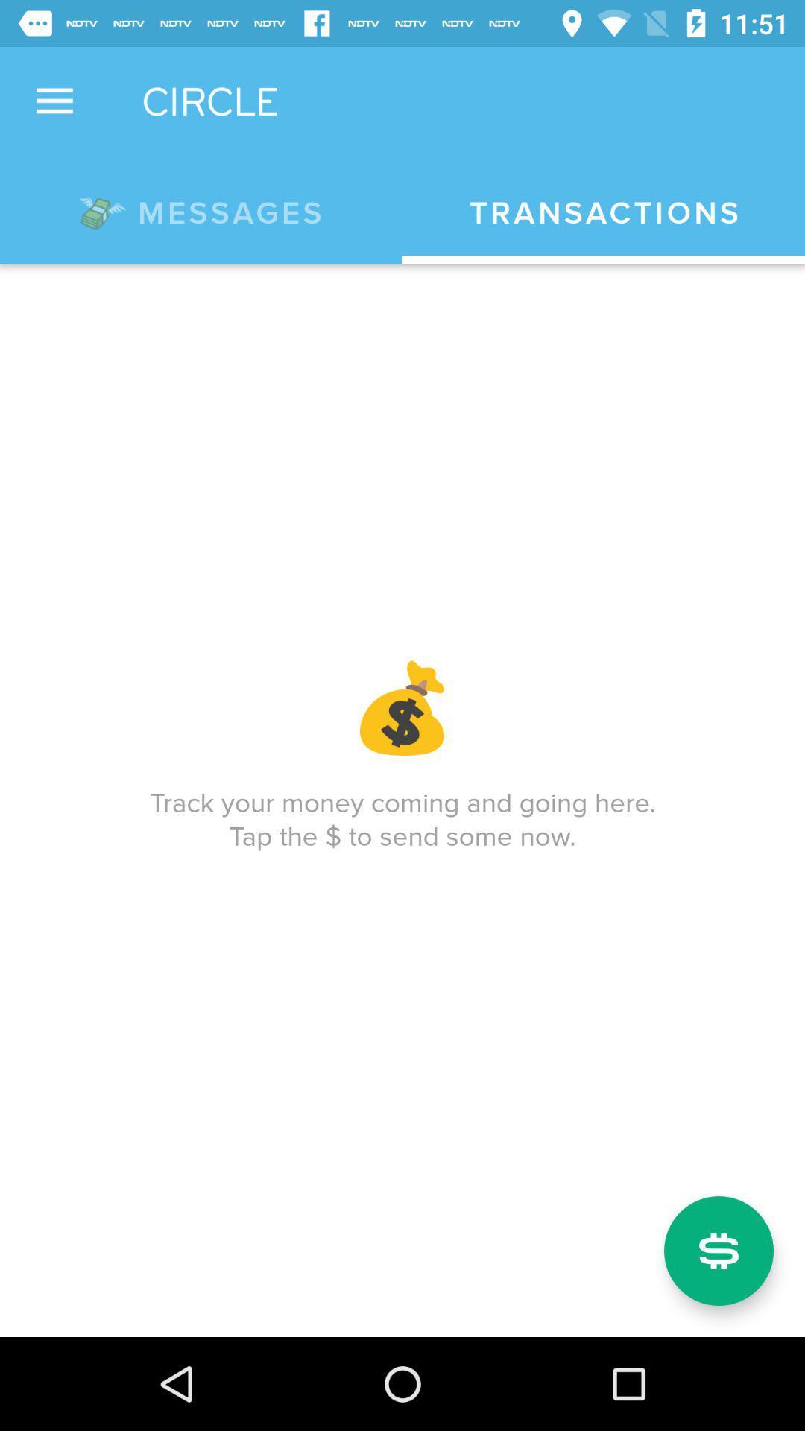 This screenshot has height=1431, width=805. Describe the element at coordinates (718, 1251) in the screenshot. I see `the item at the bottom right corner` at that location.